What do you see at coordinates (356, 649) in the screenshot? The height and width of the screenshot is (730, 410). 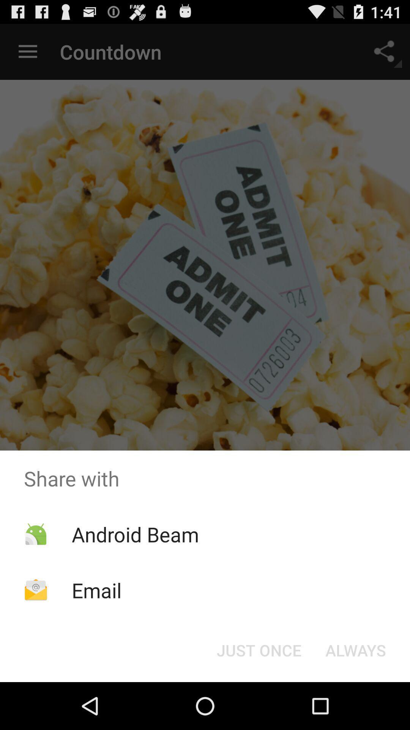 I see `item below the share with icon` at bounding box center [356, 649].